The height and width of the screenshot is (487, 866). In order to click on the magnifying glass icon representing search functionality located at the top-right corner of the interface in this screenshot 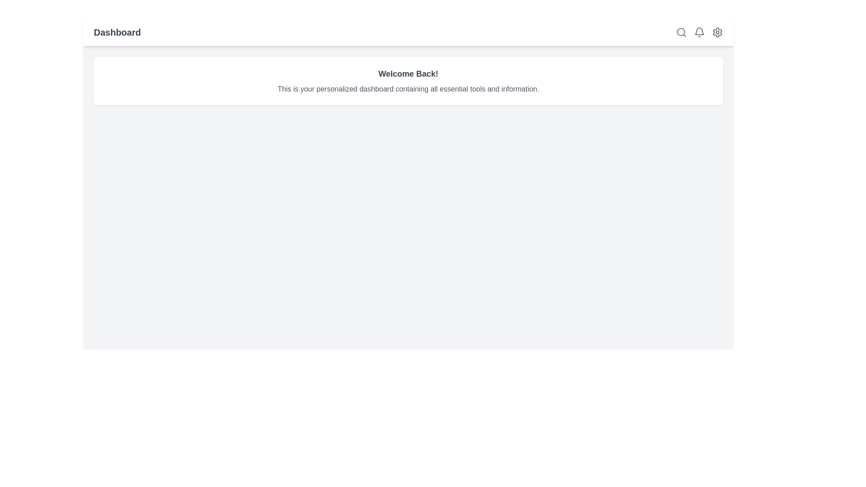, I will do `click(682, 32)`.